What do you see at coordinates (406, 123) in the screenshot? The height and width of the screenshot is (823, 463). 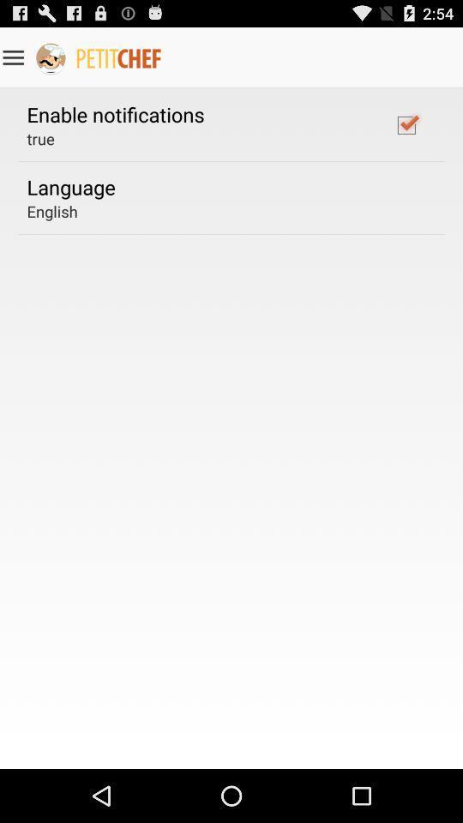 I see `the item next to the enable notifications icon` at bounding box center [406, 123].